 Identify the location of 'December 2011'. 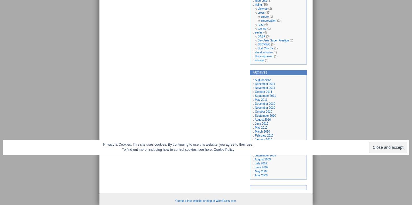
(265, 84).